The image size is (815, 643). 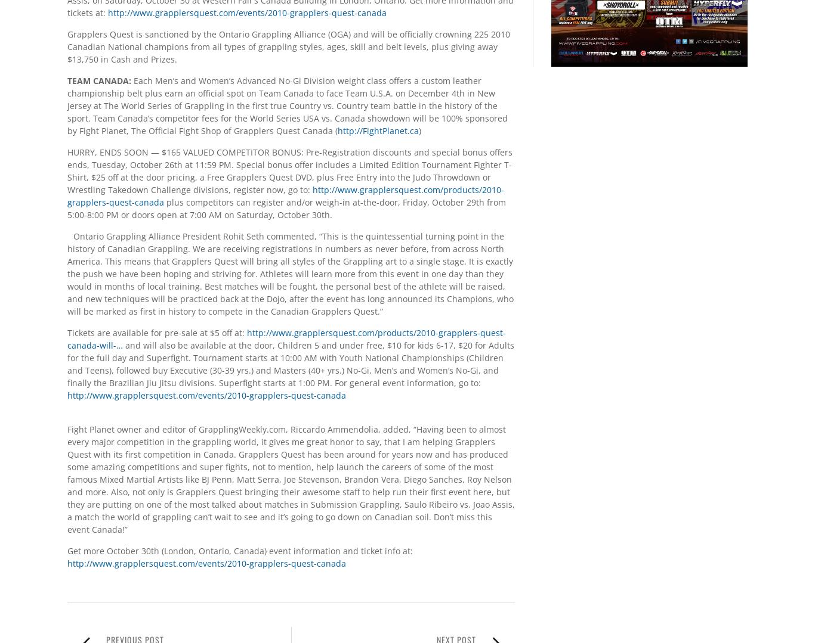 I want to click on 'Grapplers Quest is sanctioned by the Ontario Grappling Alliance (OGA)  and will be officially crowning 225 2010 Canadian National champions  from all types of grappling styles, ages, skill and belt levels, plus  giving away $13,750 in Cash and Prizes.', so click(x=288, y=45).